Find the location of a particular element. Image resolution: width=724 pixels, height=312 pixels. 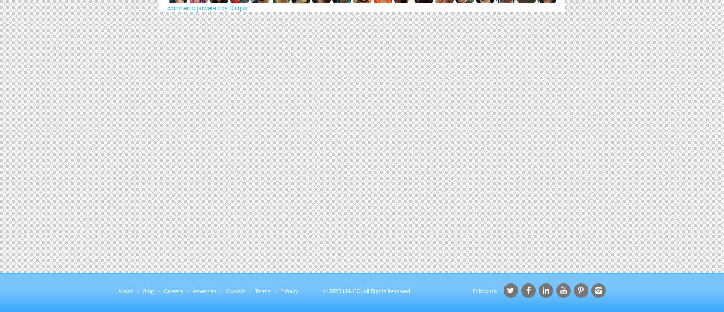

'© 2023 LRNGO, All Rights Reserved.' is located at coordinates (322, 291).